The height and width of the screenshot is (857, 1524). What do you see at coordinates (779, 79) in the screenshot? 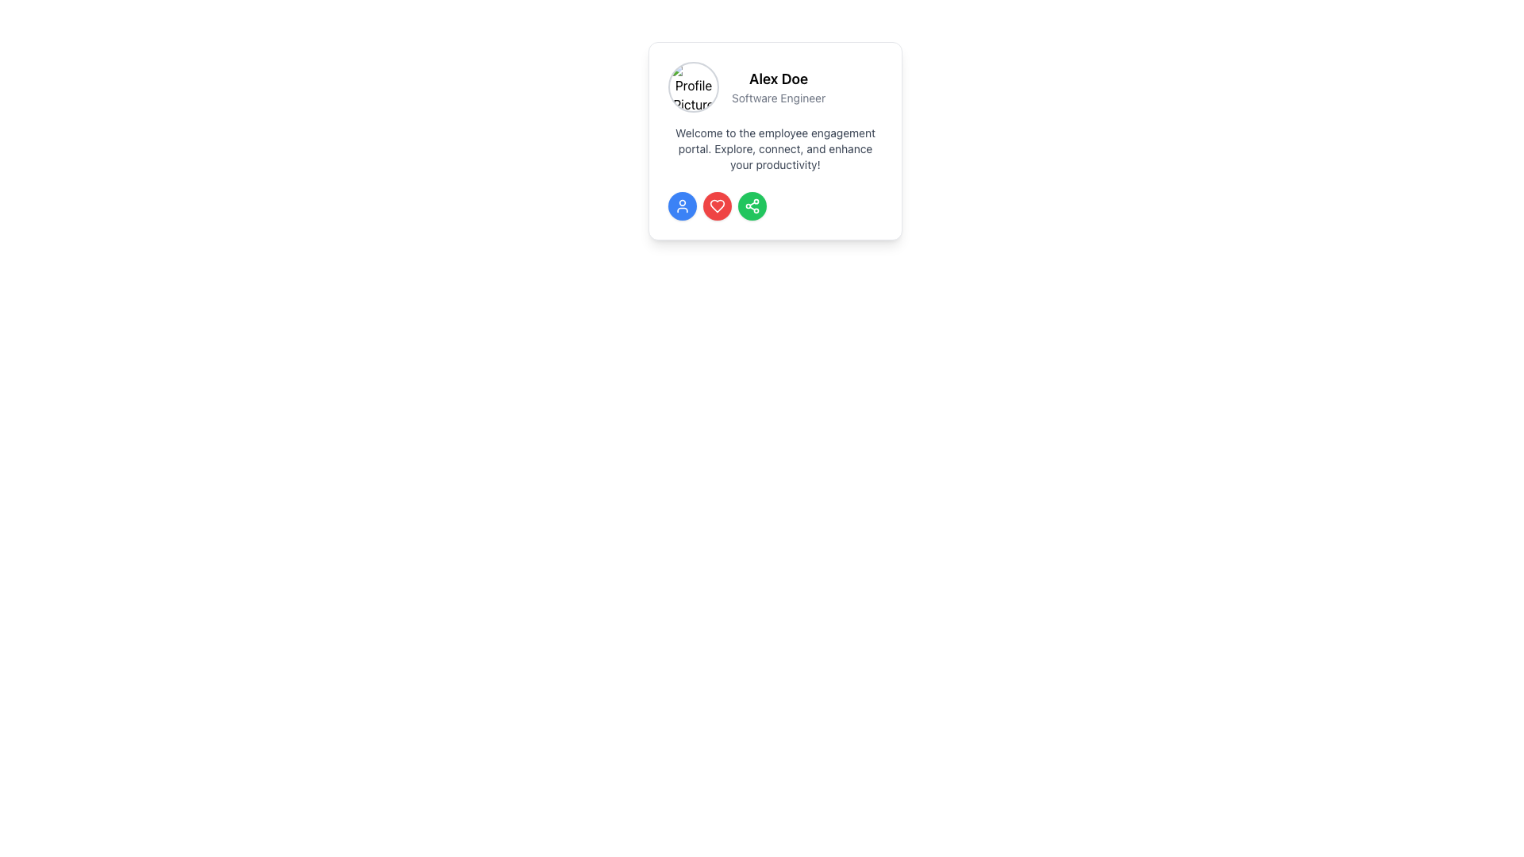
I see `text content 'Alex Doe' displayed in bold font, located in the top right section of a card layout, next to a profile picture and above the subtitle 'Software Engineer'` at bounding box center [779, 79].